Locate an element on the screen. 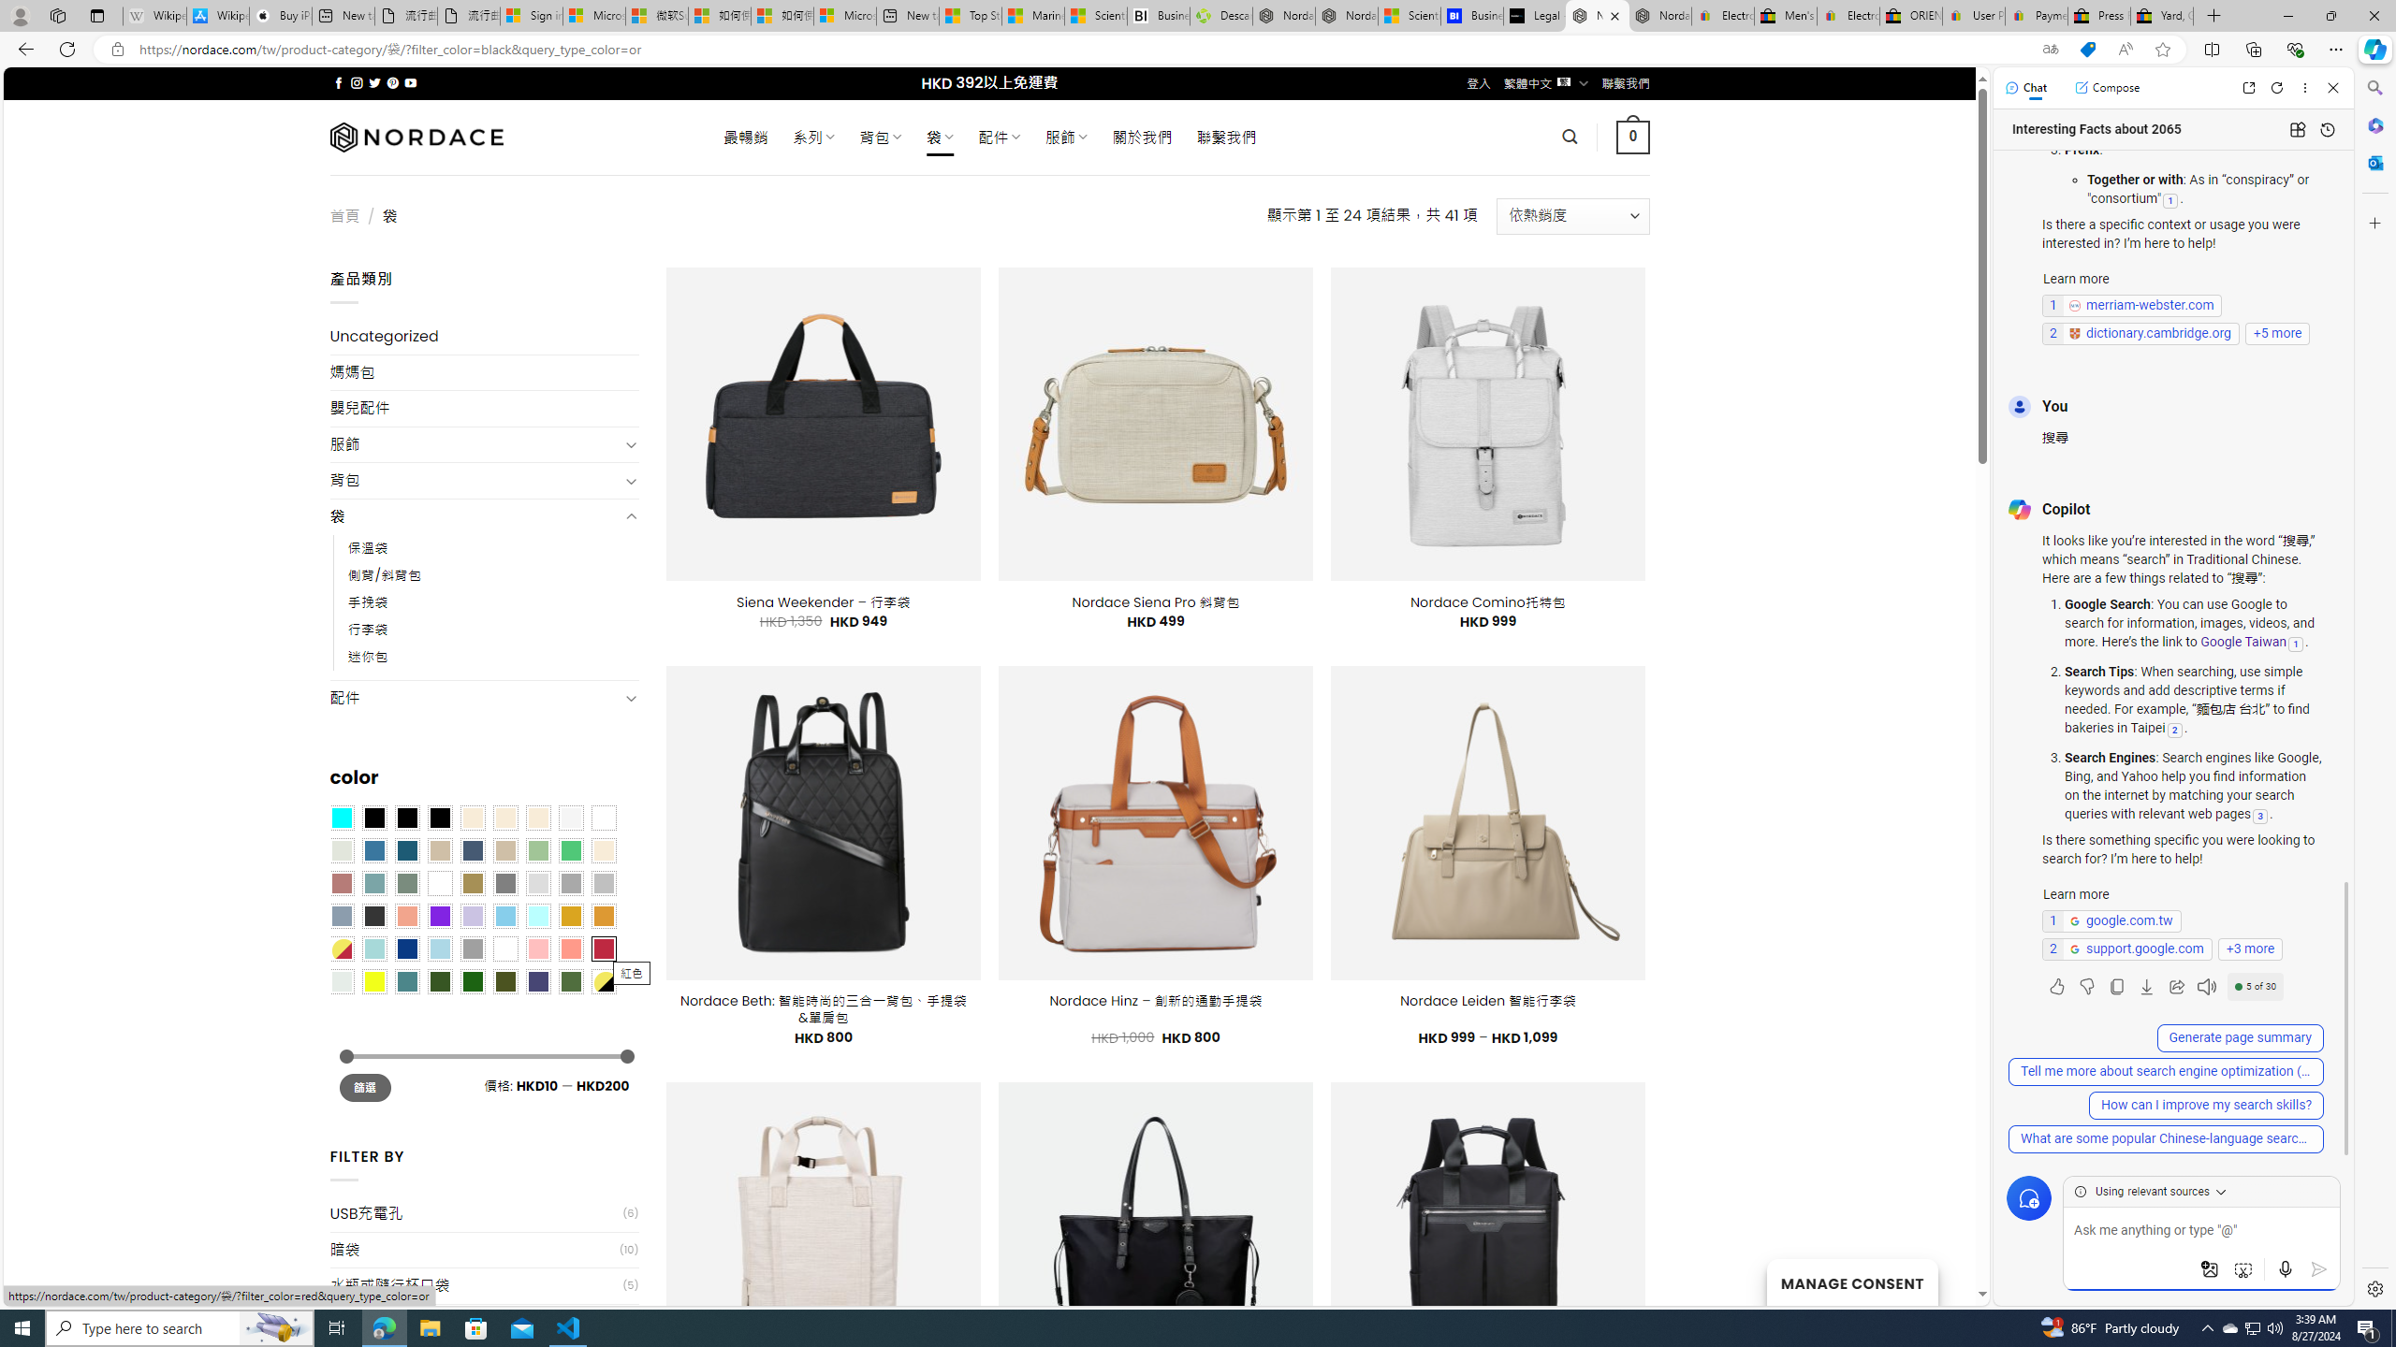 Image resolution: width=2396 pixels, height=1347 pixels. 'Follow on Twitter' is located at coordinates (373, 82).